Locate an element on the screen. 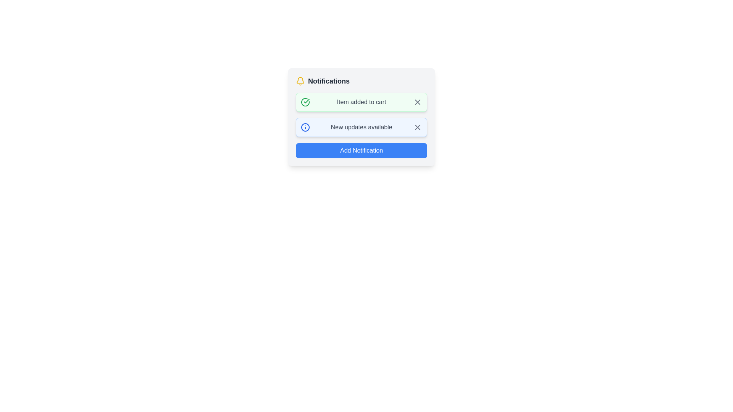 This screenshot has height=412, width=733. the Close button with an 'X' icon located at the rightmost side of the 'Item added to cart' notification is located at coordinates (417, 101).